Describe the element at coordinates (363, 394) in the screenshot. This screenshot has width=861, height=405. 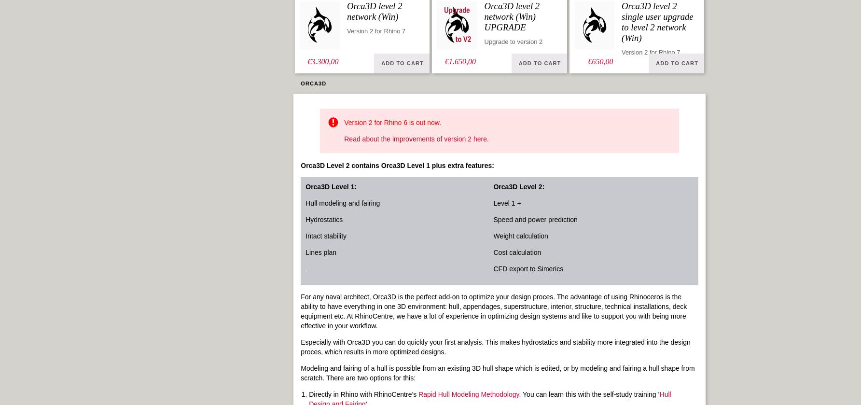
I see `'Directly in Rhino with RhinoCentre’s'` at that location.